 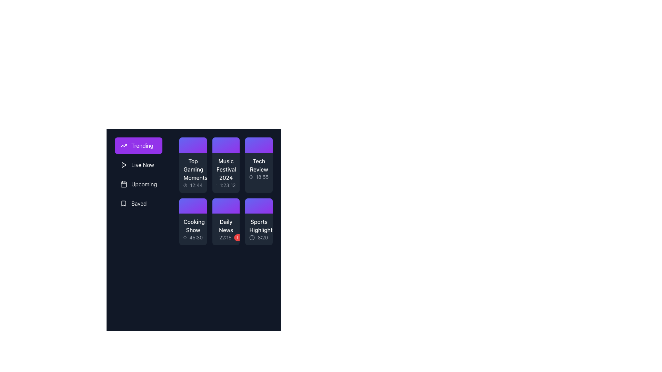 What do you see at coordinates (138, 165) in the screenshot?
I see `the navigation button located directly below the 'Trending' button and above the 'Upcoming' button` at bounding box center [138, 165].